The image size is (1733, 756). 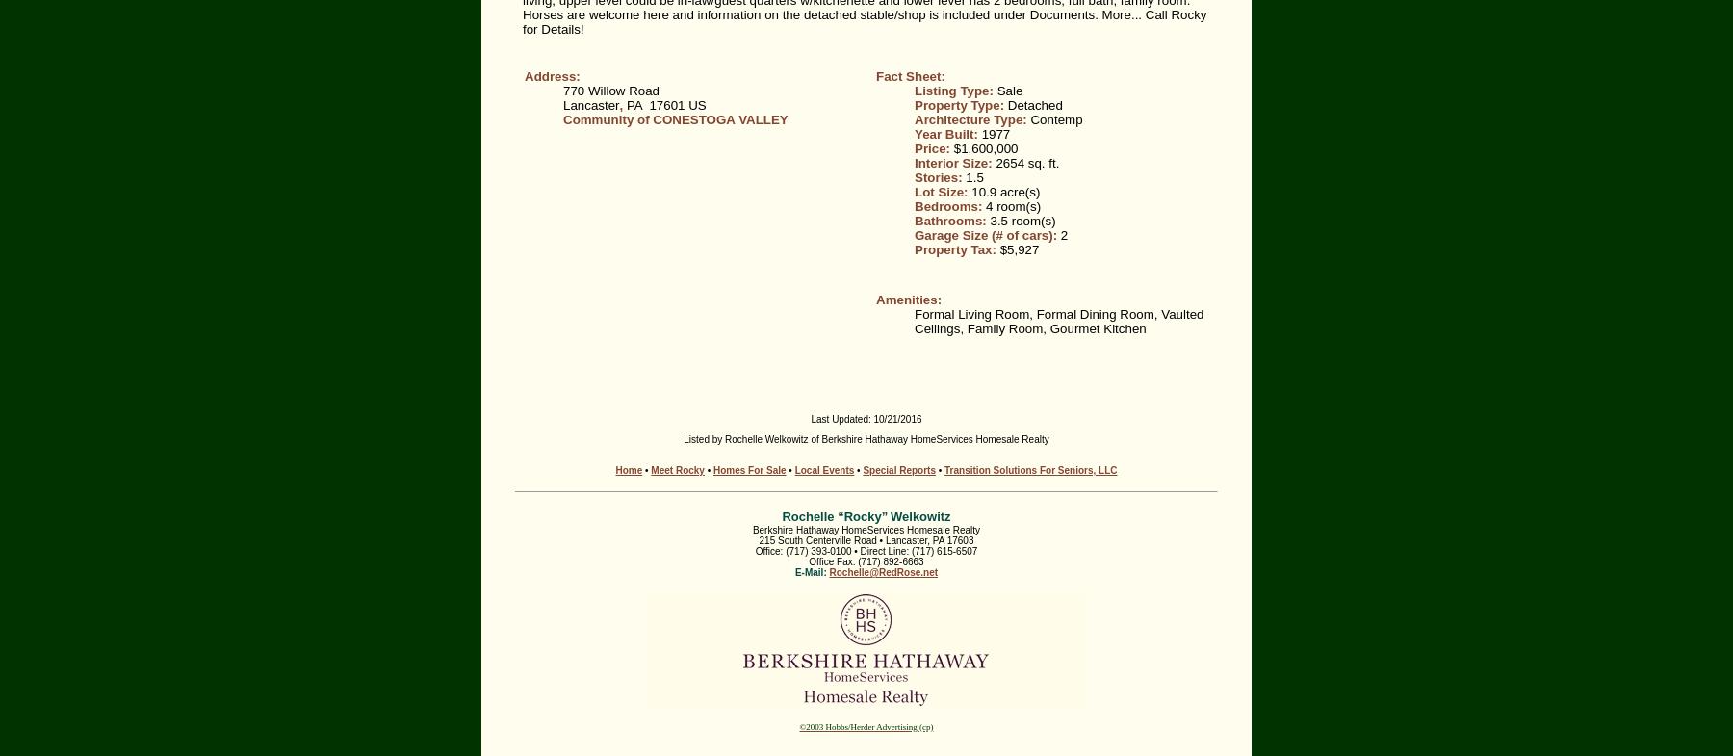 What do you see at coordinates (933, 147) in the screenshot?
I see `'Price:'` at bounding box center [933, 147].